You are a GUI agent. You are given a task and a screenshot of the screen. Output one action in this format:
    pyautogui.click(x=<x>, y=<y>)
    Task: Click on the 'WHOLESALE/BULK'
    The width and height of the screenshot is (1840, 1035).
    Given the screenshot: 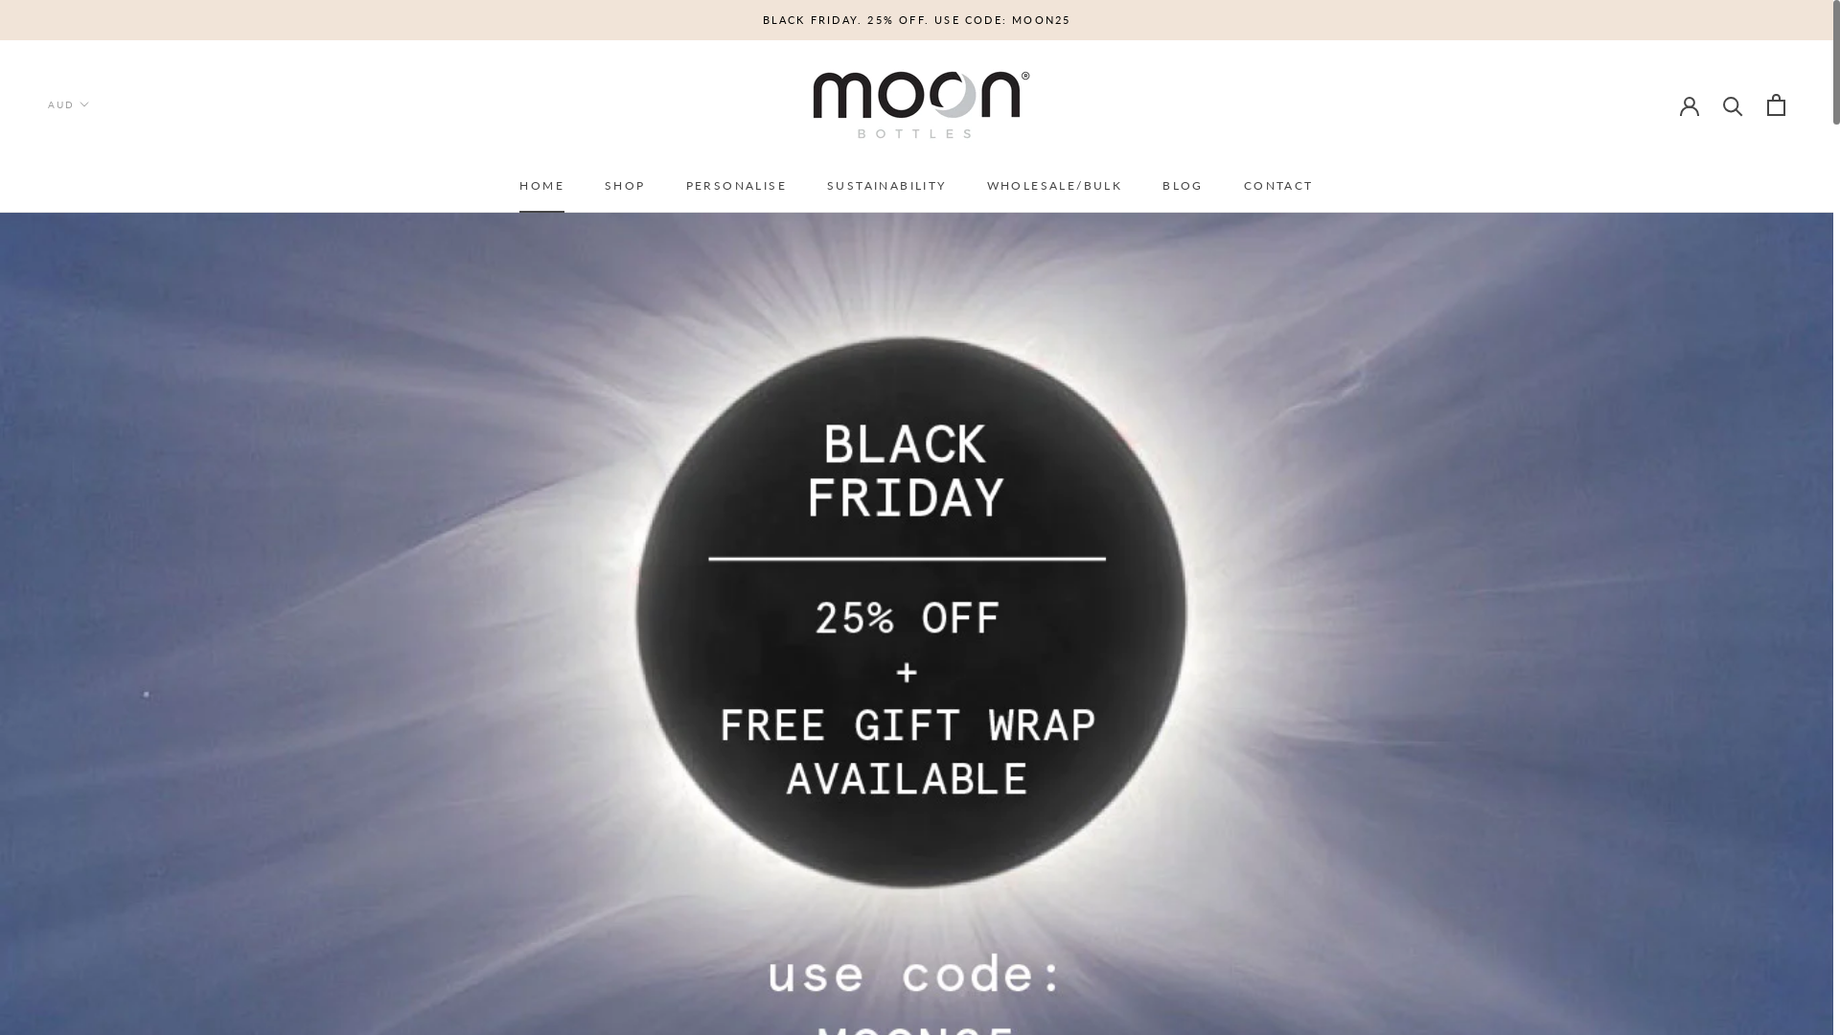 What is the action you would take?
    pyautogui.click(x=1053, y=185)
    